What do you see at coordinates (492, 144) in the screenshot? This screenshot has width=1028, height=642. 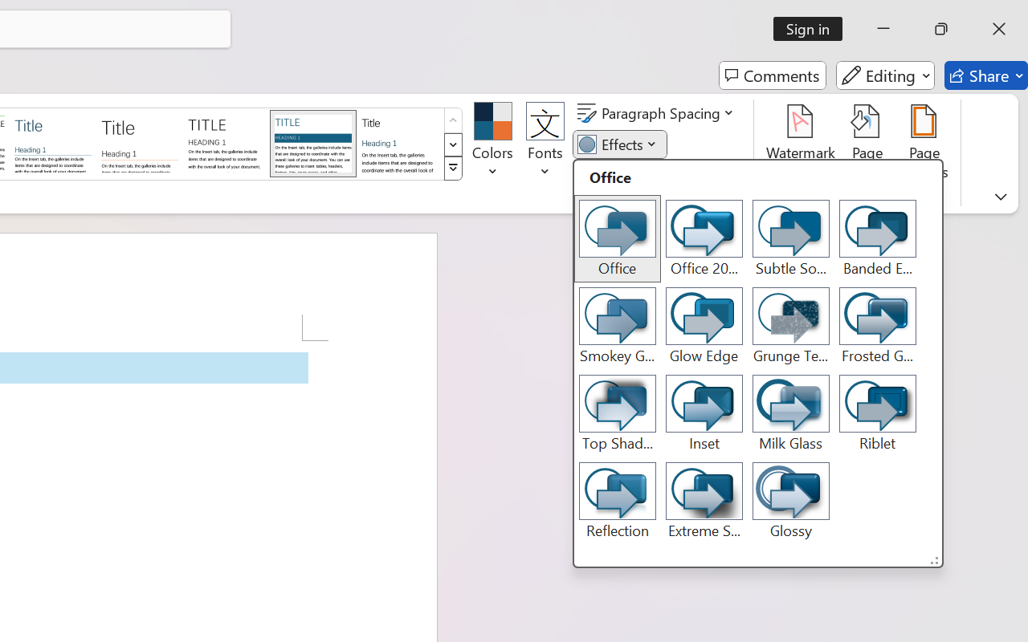 I see `'Colors'` at bounding box center [492, 144].